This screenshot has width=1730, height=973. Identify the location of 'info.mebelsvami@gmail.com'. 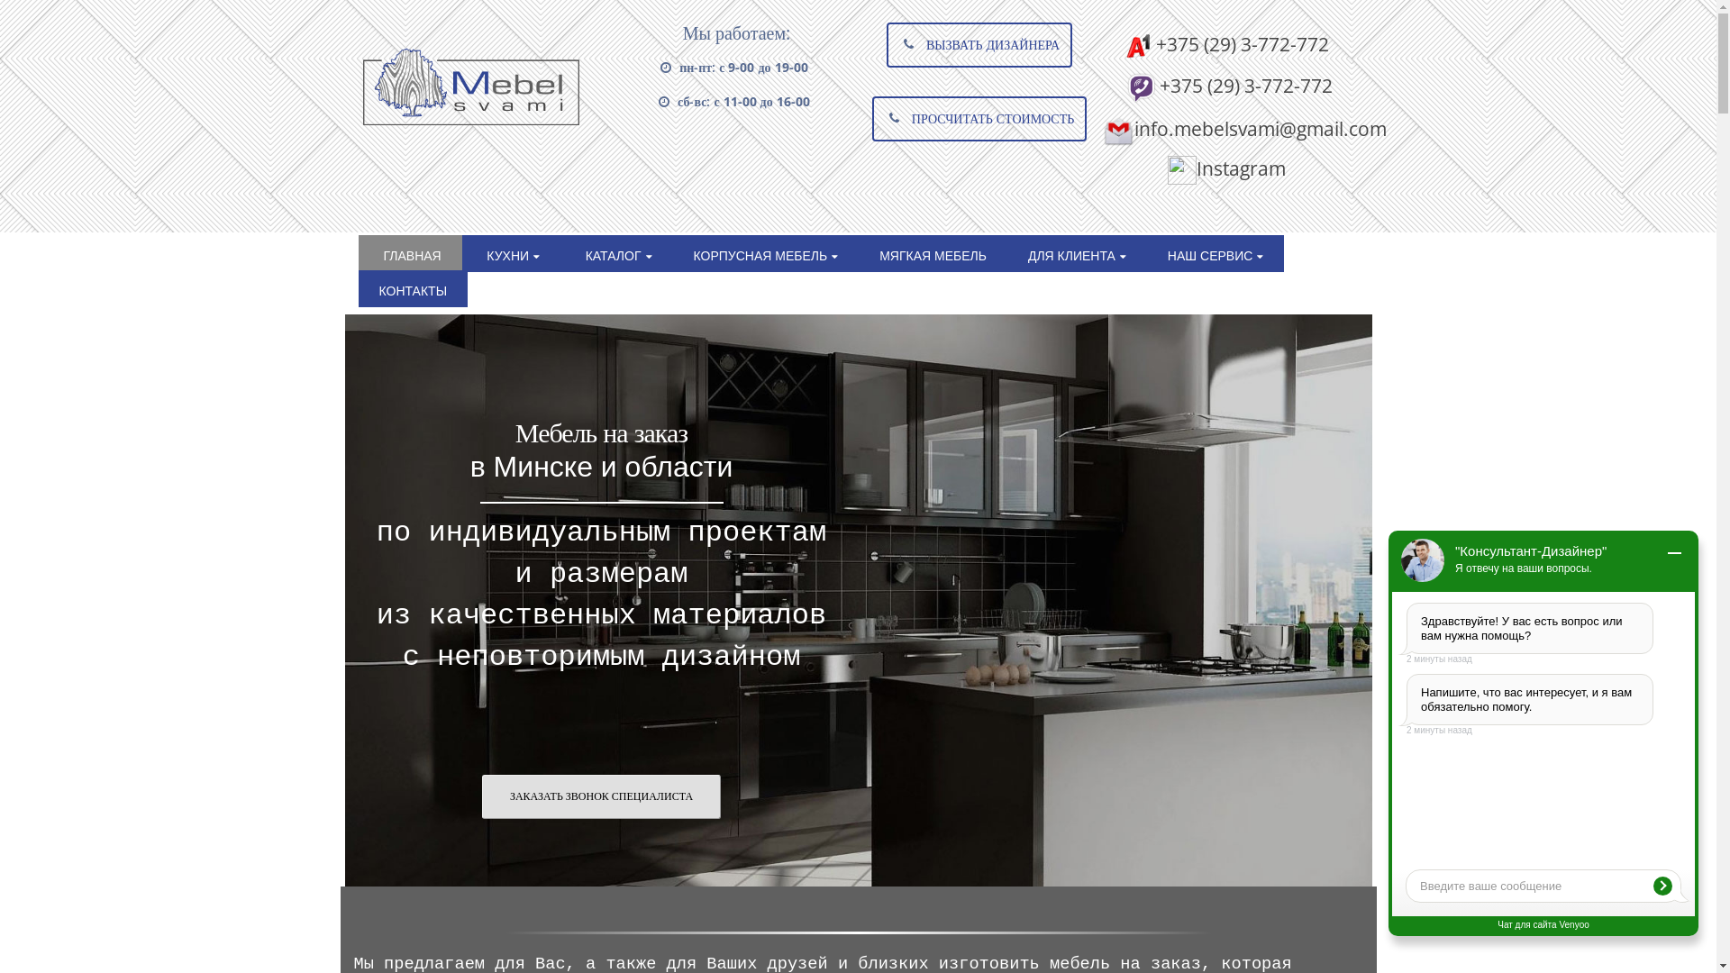
(1243, 127).